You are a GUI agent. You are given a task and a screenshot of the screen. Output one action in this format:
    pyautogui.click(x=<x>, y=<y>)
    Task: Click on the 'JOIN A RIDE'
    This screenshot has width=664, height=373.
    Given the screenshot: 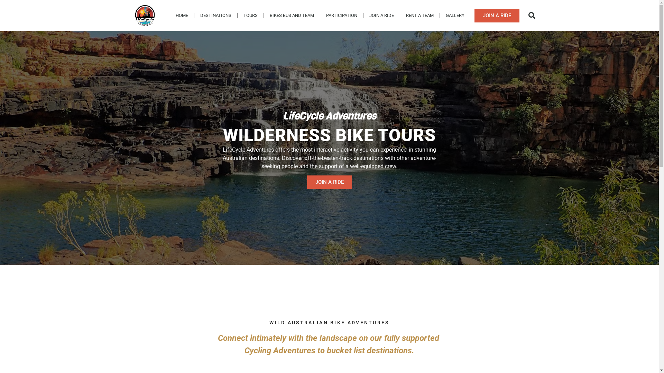 What is the action you would take?
    pyautogui.click(x=474, y=16)
    